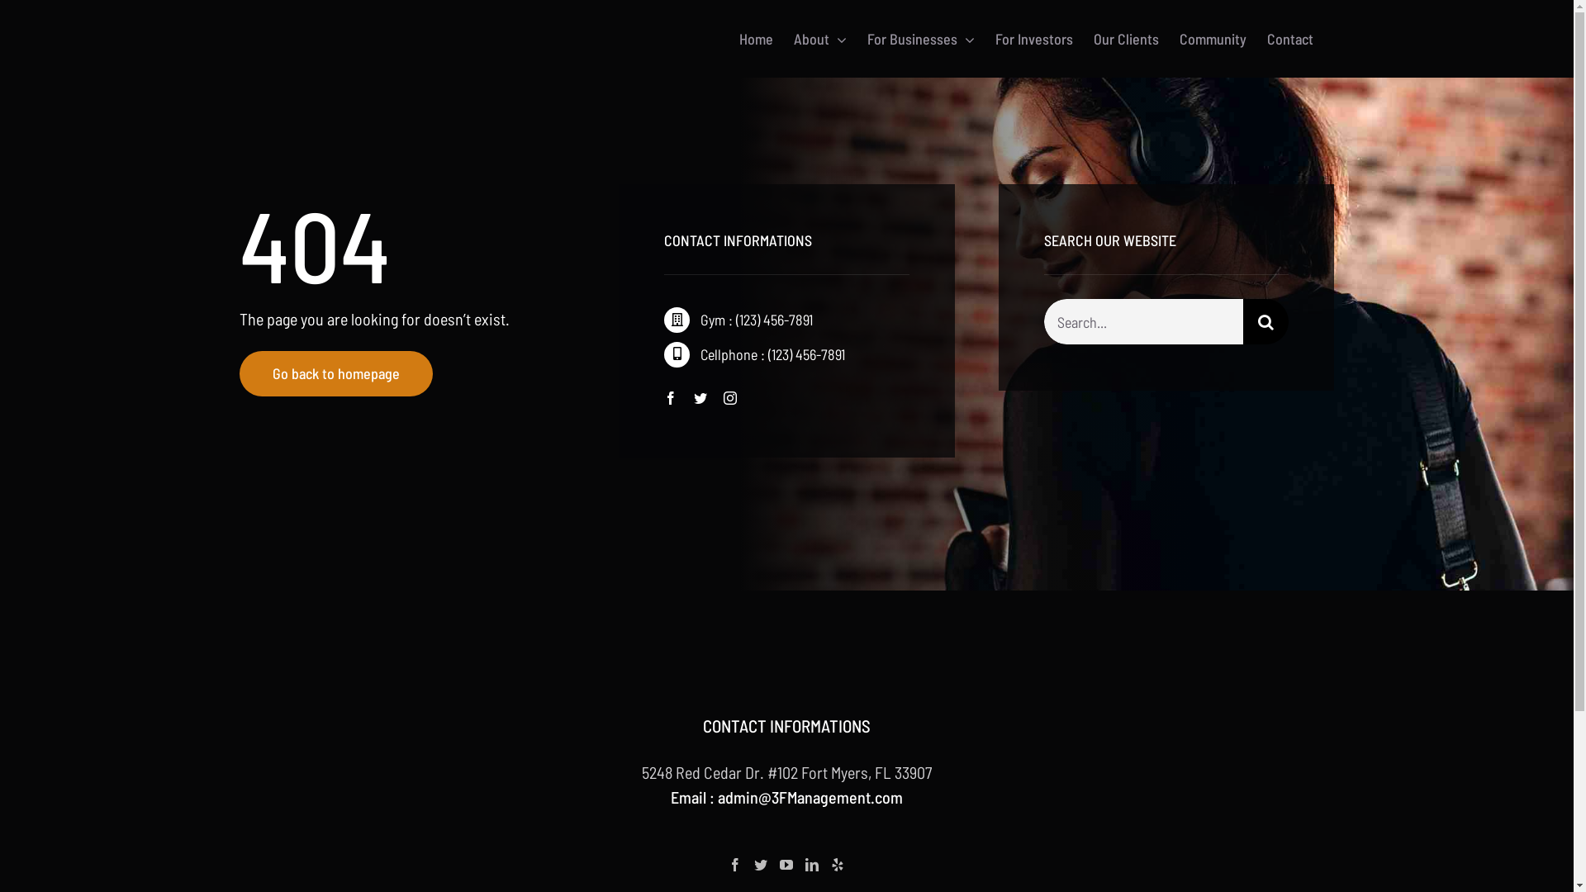 The width and height of the screenshot is (1586, 892). What do you see at coordinates (1289, 37) in the screenshot?
I see `'Contact'` at bounding box center [1289, 37].